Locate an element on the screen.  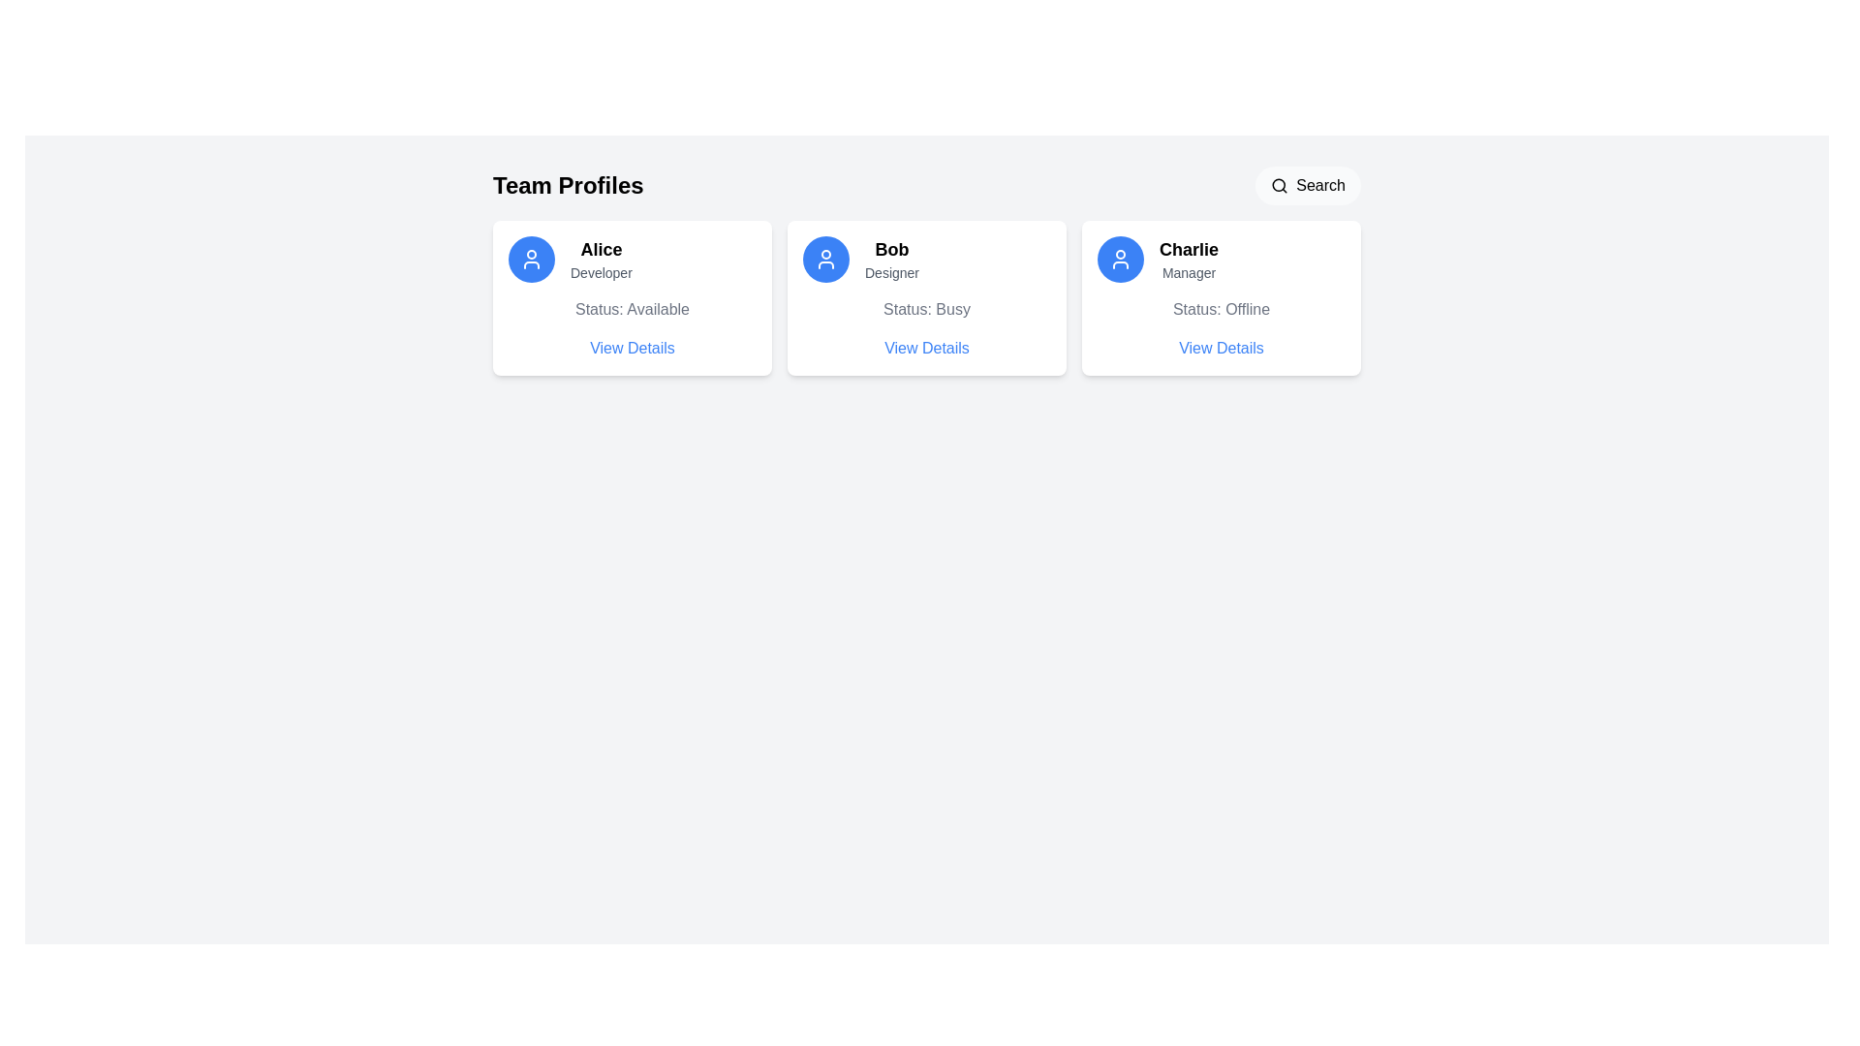
the 'Designer' label which is displayed in a small, light gray font below the name 'Bob' in the 'Team Profiles' section is located at coordinates (891, 272).